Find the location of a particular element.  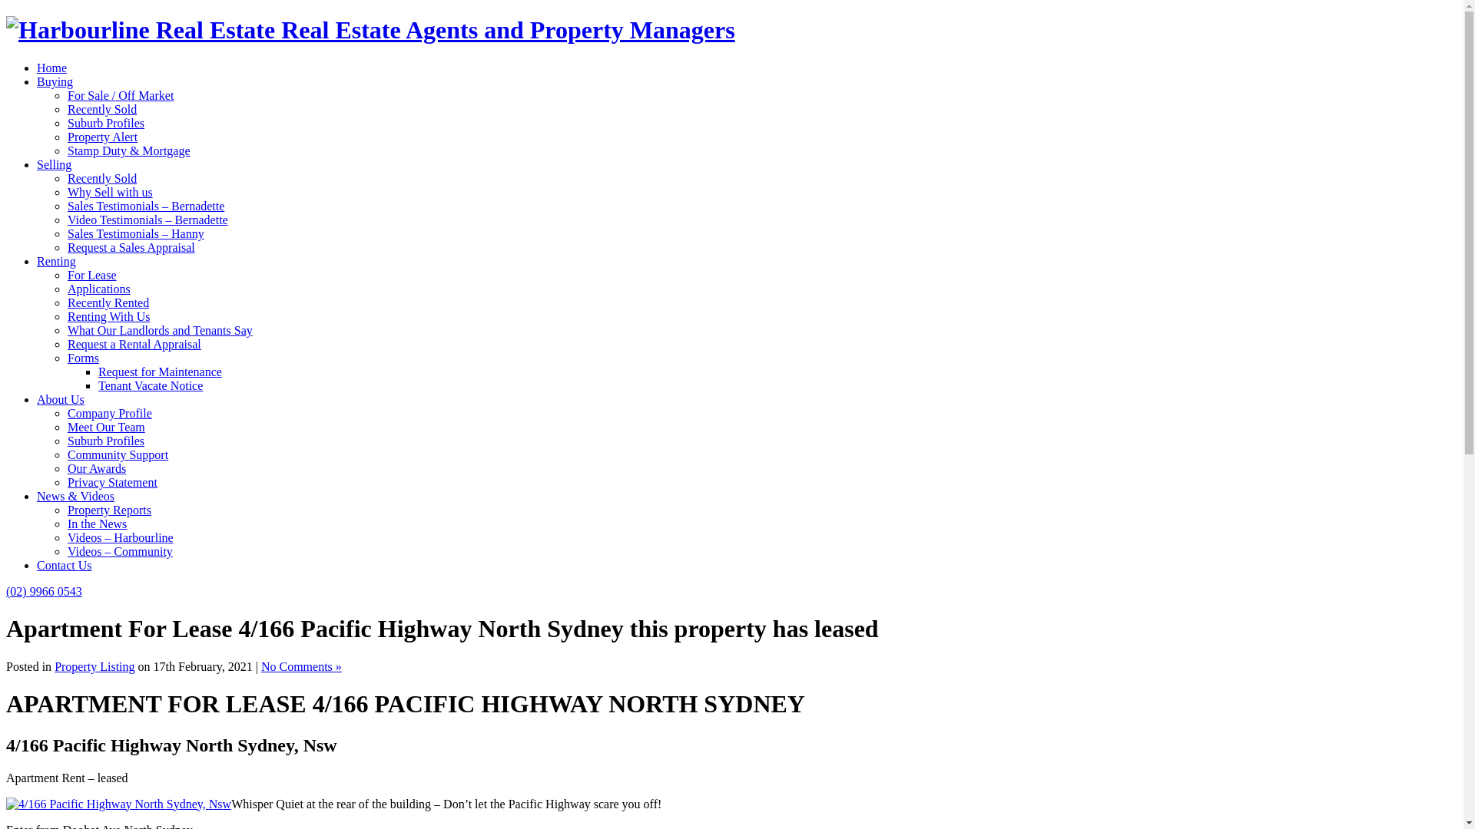

'Recently Rented' is located at coordinates (107, 302).